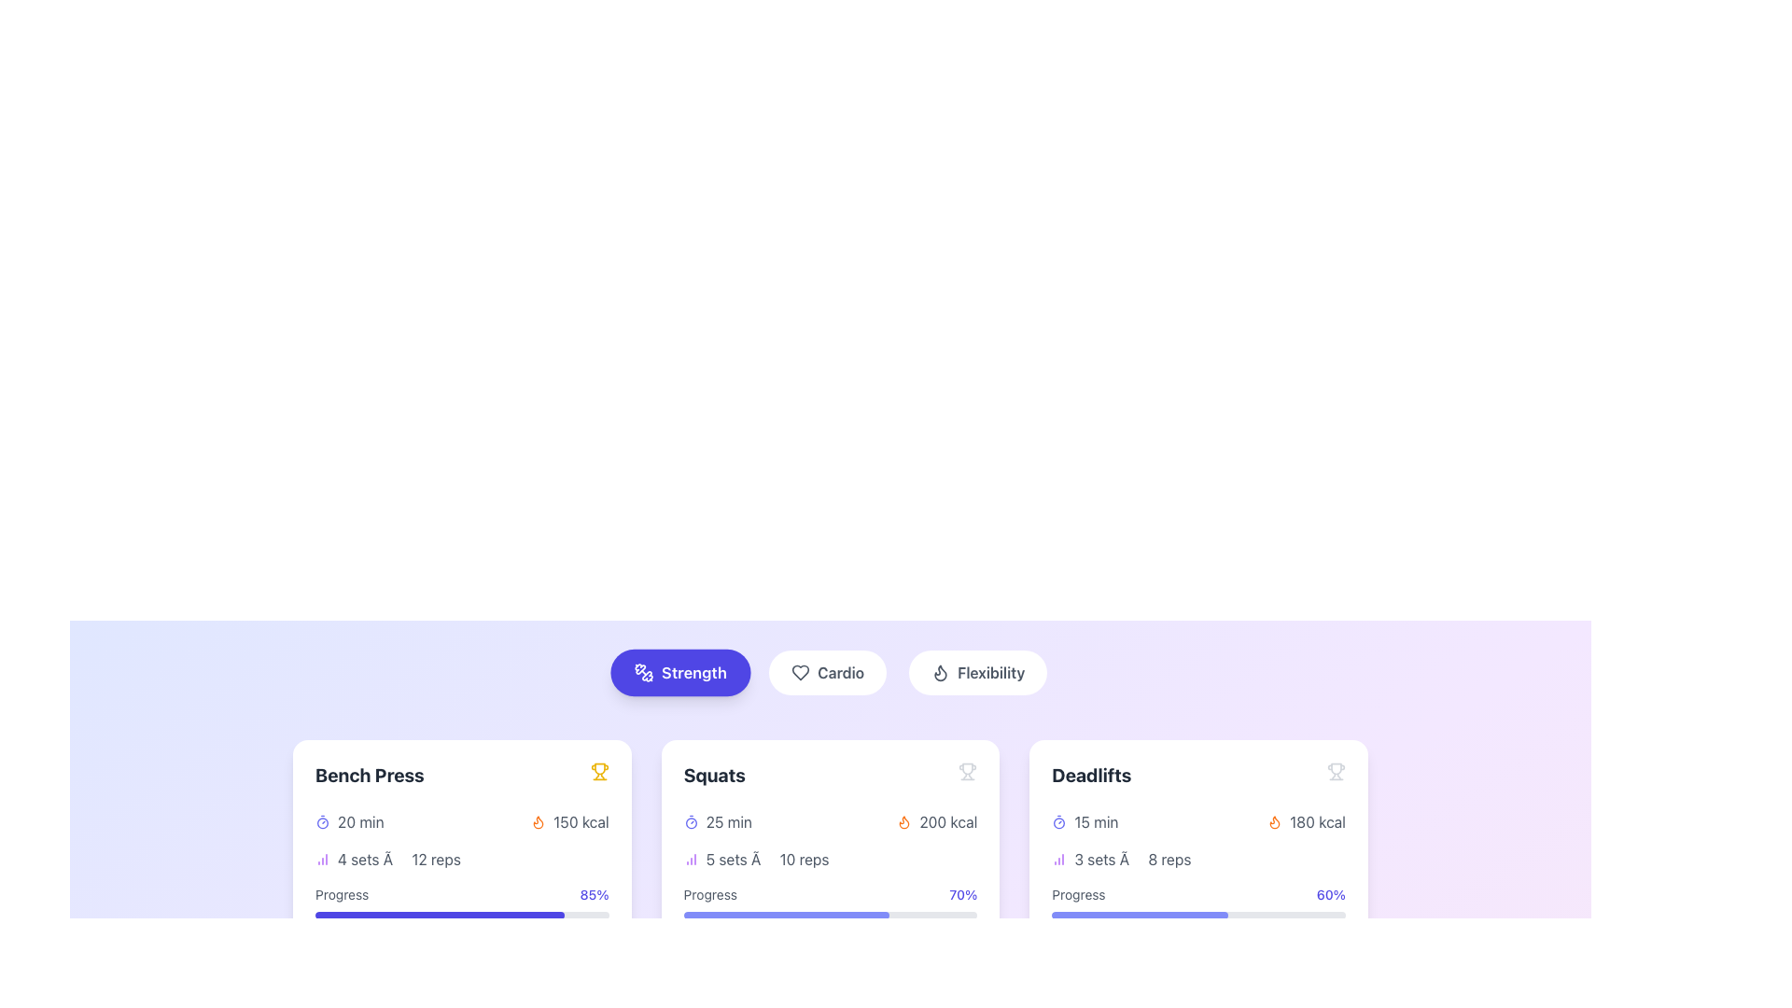 This screenshot has width=1792, height=1008. What do you see at coordinates (948, 820) in the screenshot?
I see `the informational text label that displays the caloric value associated with the 'Squats' activity, located within the 'Squats' card below the title and to the right of the flame icon` at bounding box center [948, 820].